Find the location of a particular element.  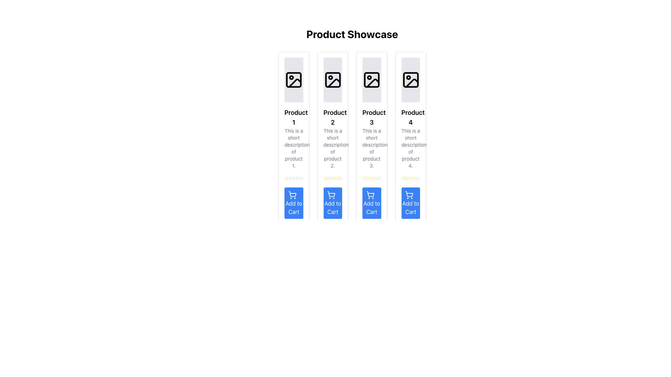

text block that contains the description of 'Product 3', which is a smaller grey font text located directly below the title in the third card of the product grid is located at coordinates (371, 148).